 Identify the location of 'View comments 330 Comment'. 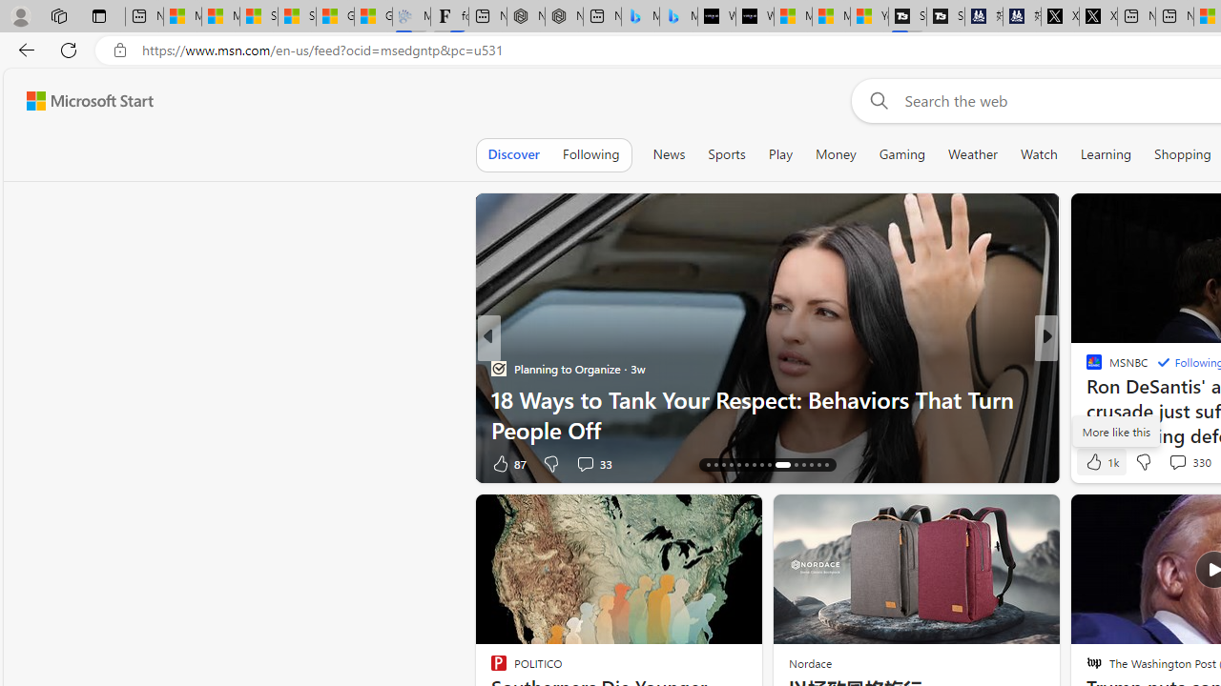
(1188, 461).